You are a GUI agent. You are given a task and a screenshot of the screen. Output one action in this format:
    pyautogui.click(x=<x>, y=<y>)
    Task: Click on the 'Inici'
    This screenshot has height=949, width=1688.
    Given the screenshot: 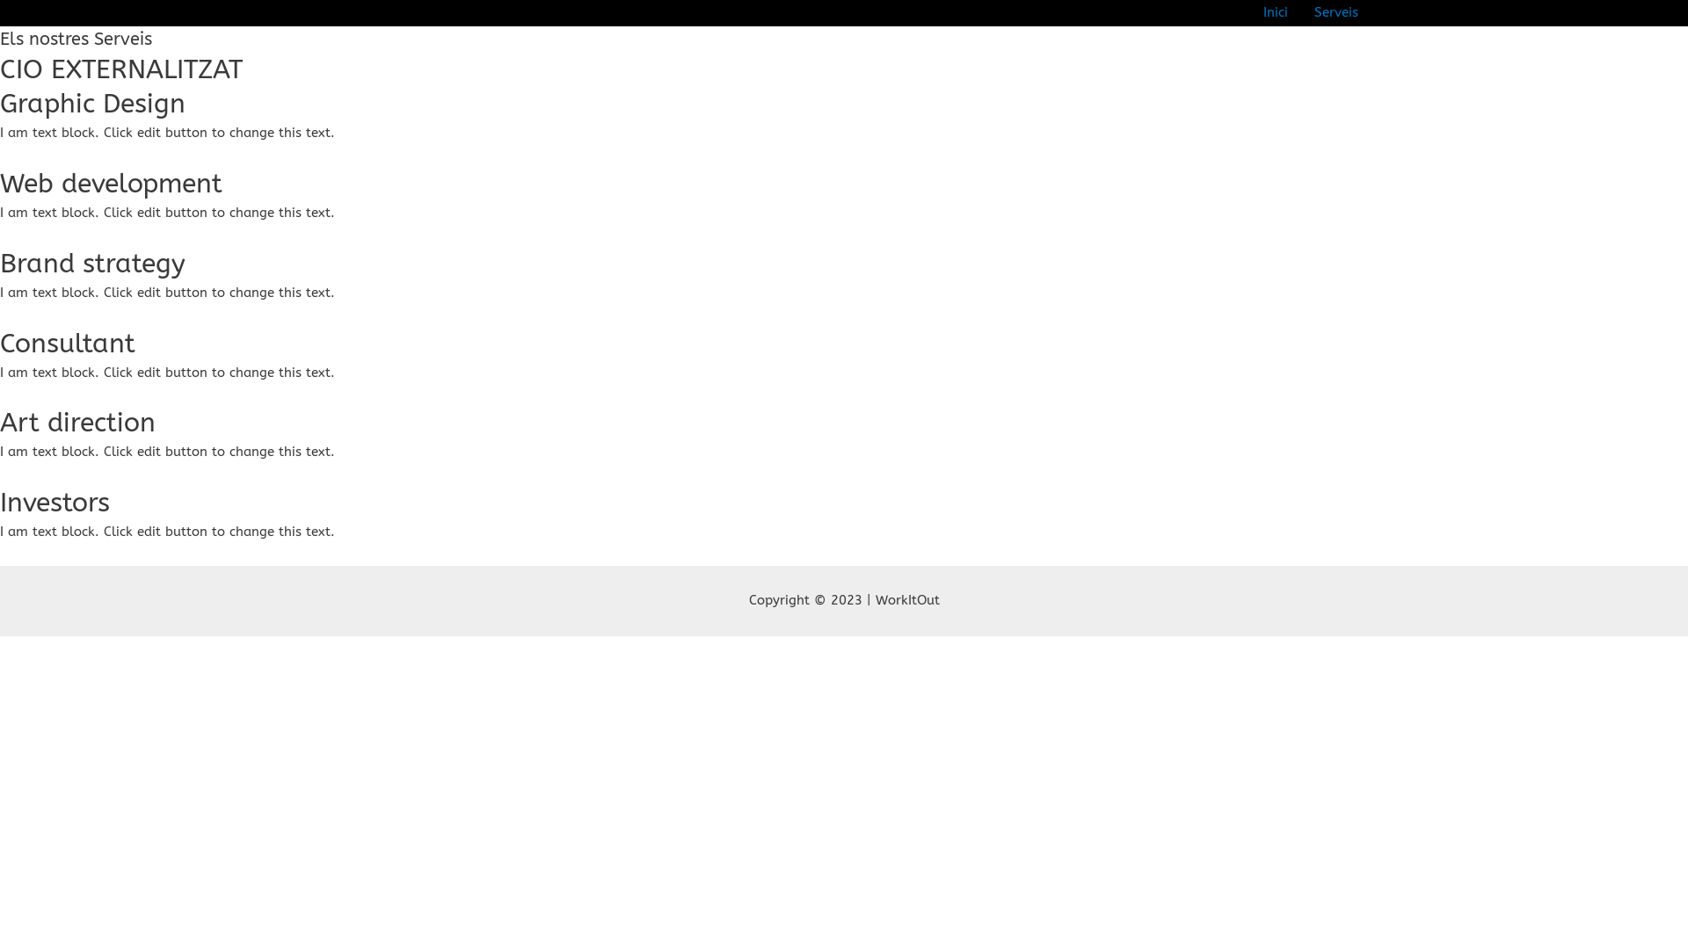 What is the action you would take?
    pyautogui.click(x=1248, y=13)
    